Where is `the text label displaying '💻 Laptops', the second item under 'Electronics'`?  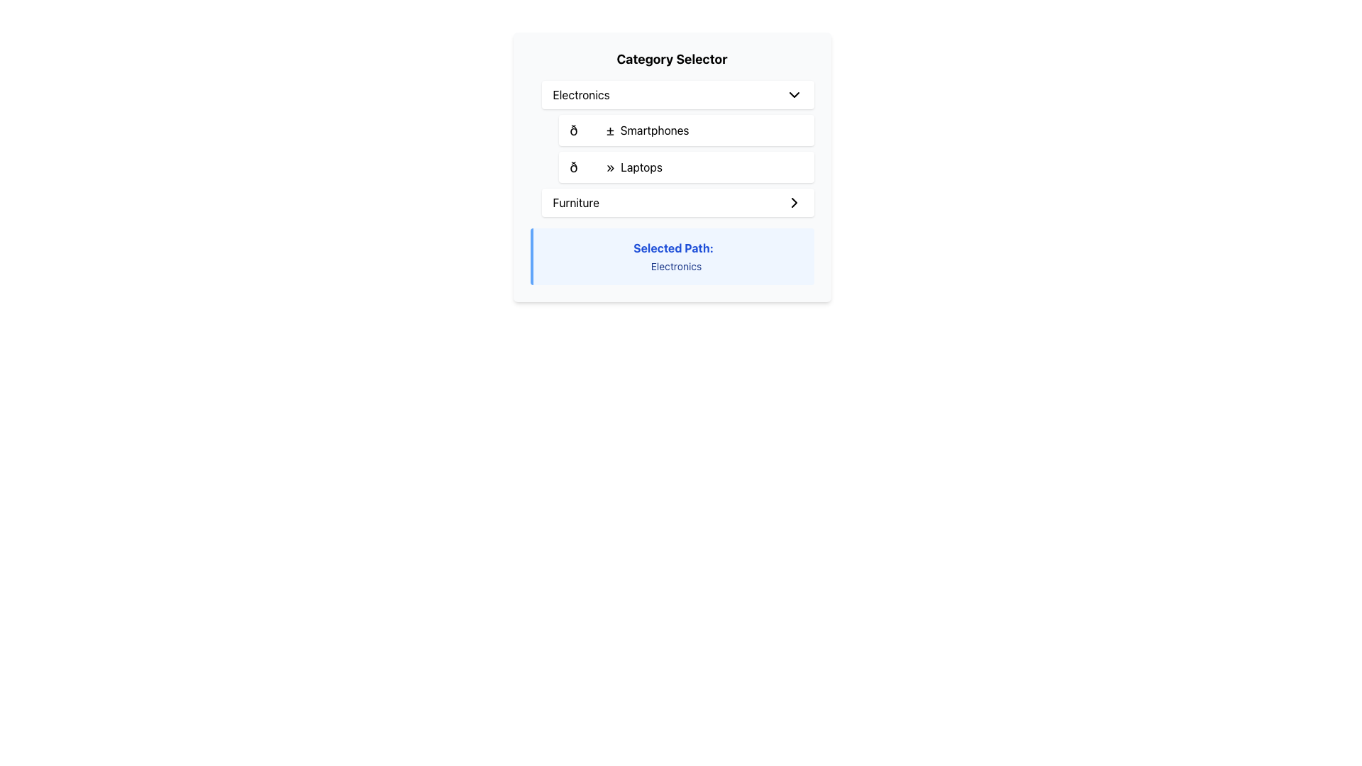
the text label displaying '💻 Laptops', the second item under 'Electronics' is located at coordinates (616, 166).